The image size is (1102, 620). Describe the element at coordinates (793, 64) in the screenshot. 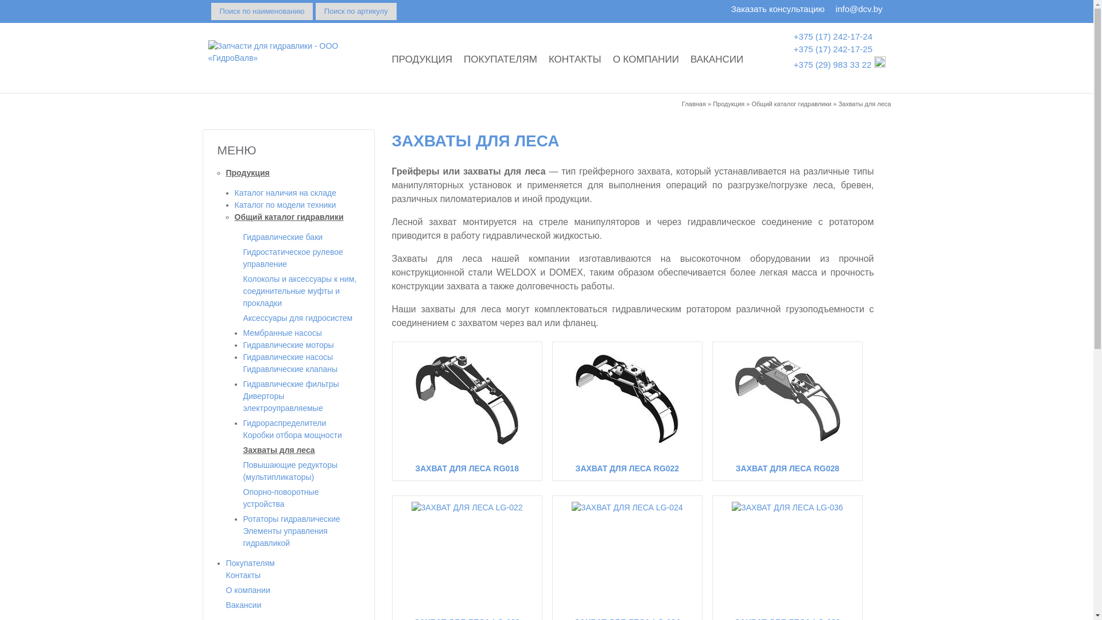

I see `'+375 (29) 983 33 22'` at that location.